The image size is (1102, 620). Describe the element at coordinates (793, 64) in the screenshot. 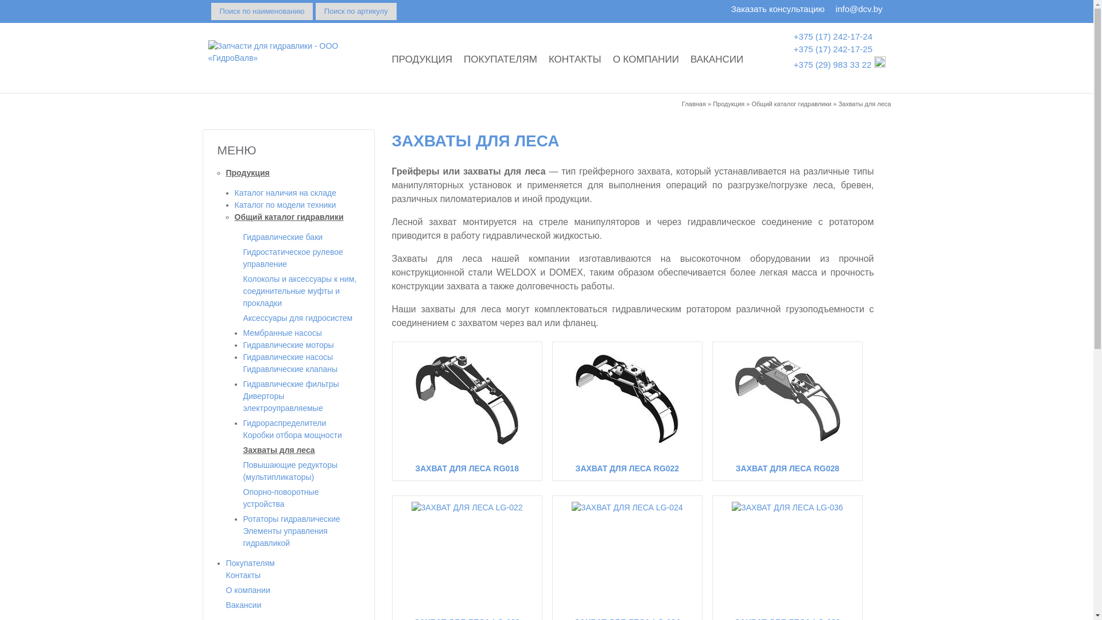

I see `'+375 (29) 983 33 22'` at that location.